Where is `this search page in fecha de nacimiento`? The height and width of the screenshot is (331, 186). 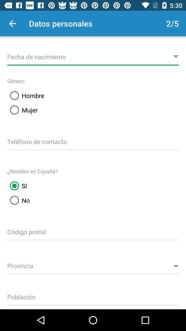 this search page in fecha de nacimiento is located at coordinates (93, 56).